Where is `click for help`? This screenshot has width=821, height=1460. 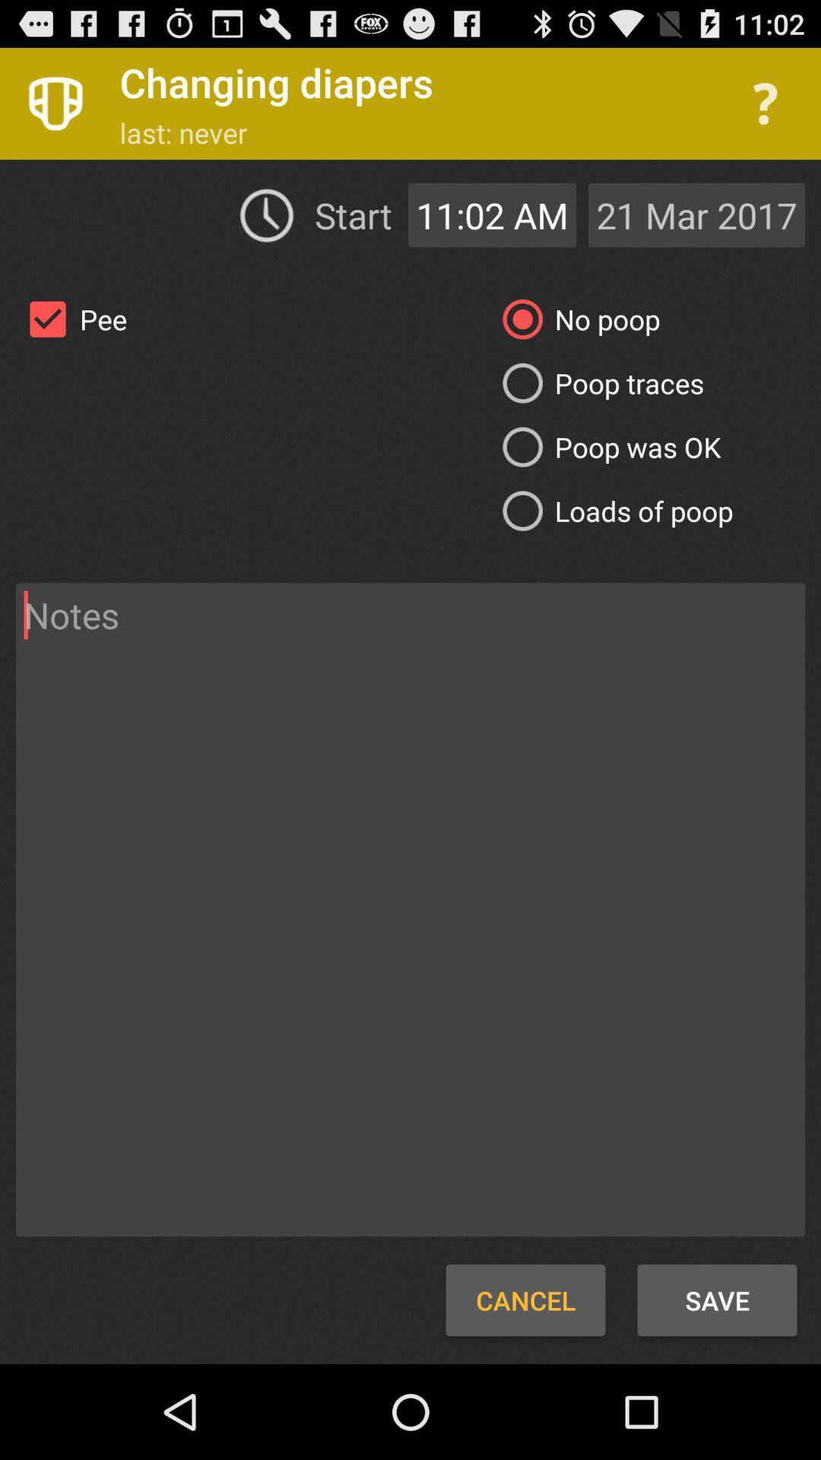
click for help is located at coordinates (765, 103).